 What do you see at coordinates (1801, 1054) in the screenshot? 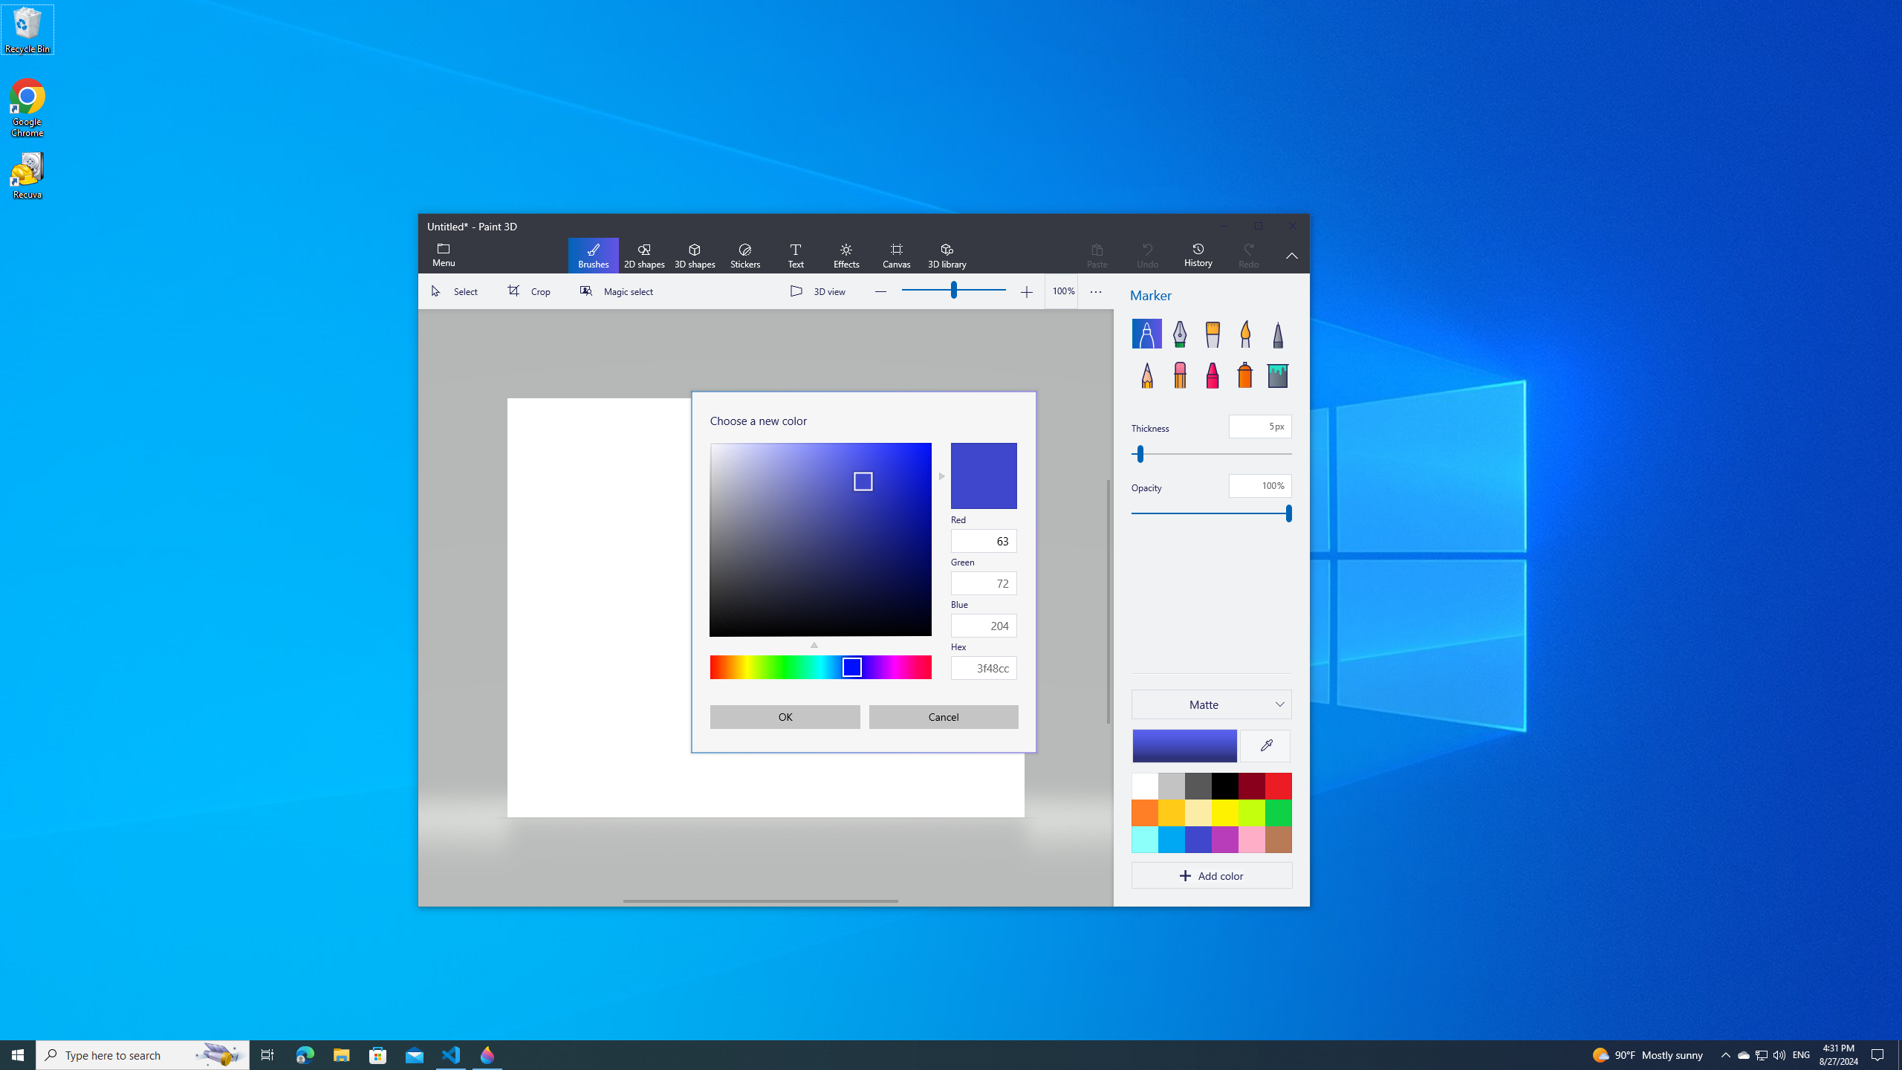
I see `'Tray Input Indicator - English (United States)'` at bounding box center [1801, 1054].